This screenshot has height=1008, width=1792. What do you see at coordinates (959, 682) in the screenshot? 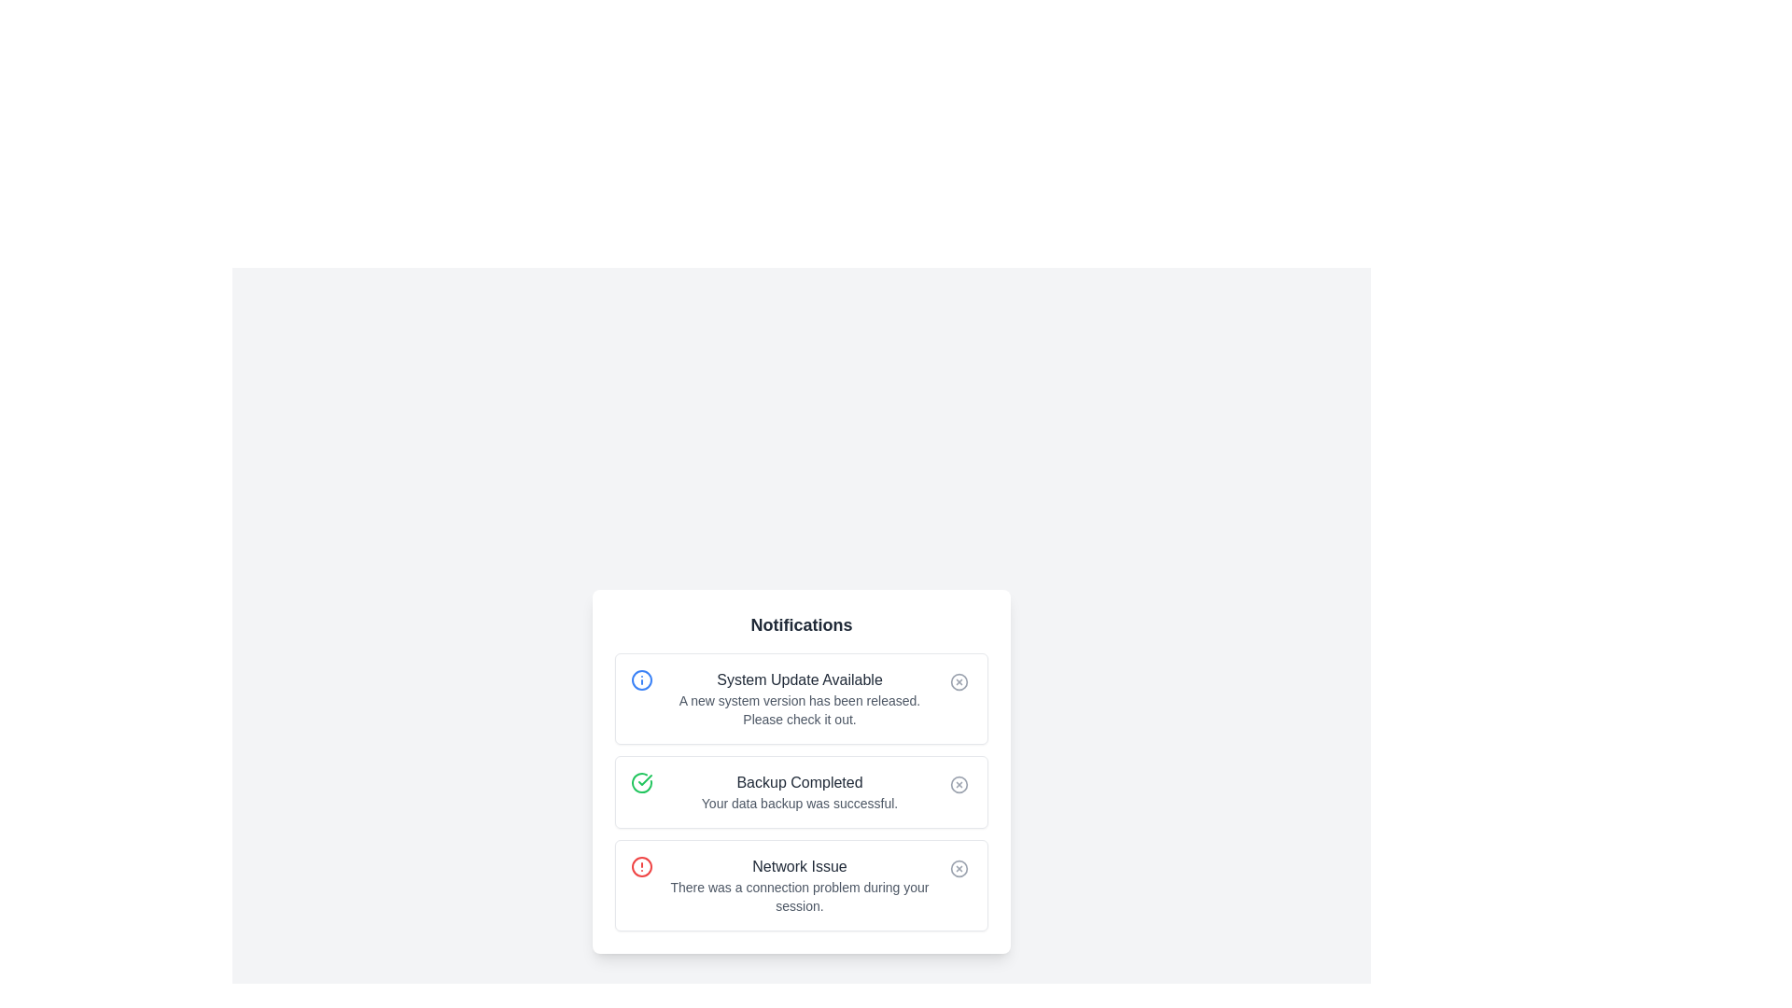
I see `the dismiss button, which is a circular icon with an 'X' symbol inside, located at the top-right of the 'System Update Available' notification card` at bounding box center [959, 682].